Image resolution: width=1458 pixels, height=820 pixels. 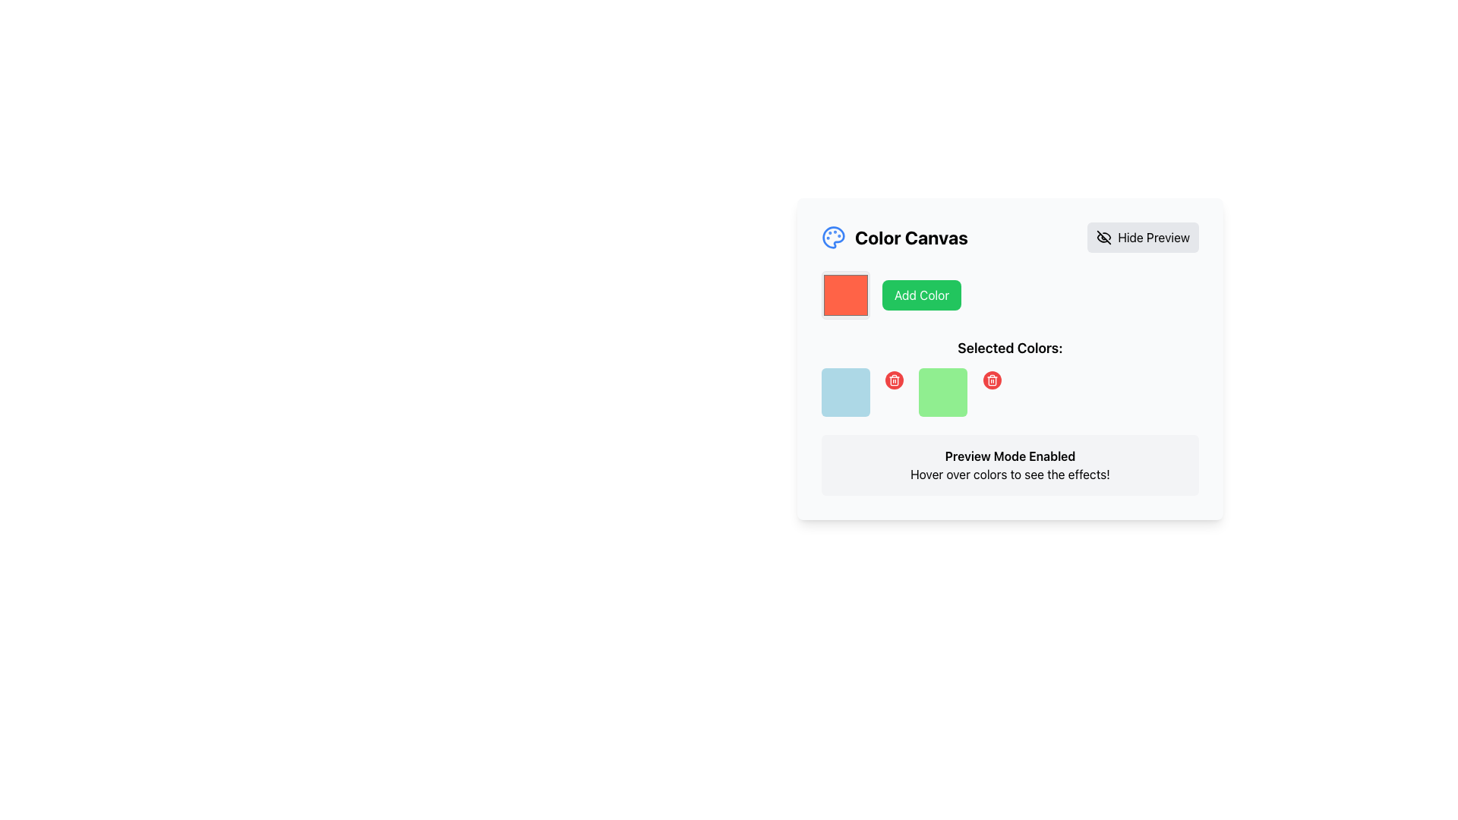 I want to click on the second red icon button in the 'Selected Colors' section, so click(x=894, y=380).